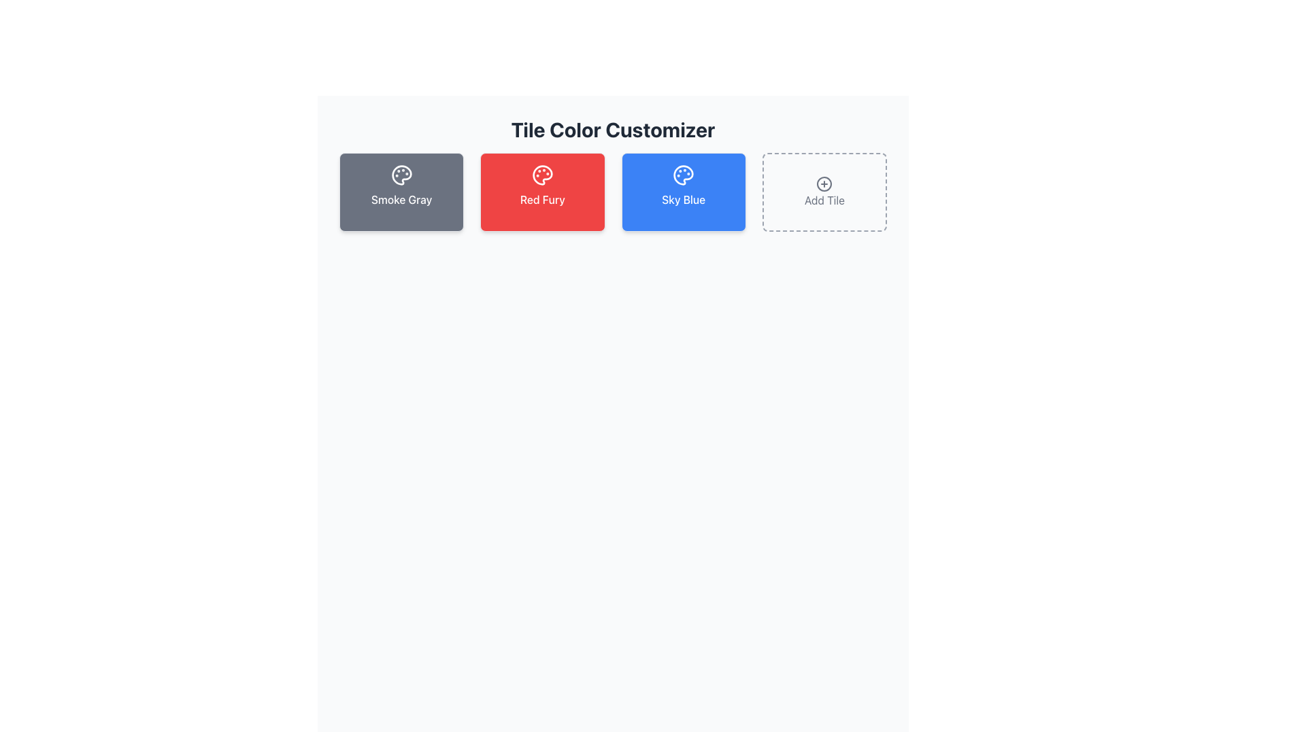 This screenshot has width=1306, height=734. What do you see at coordinates (824, 192) in the screenshot?
I see `the button that allows users to add additional tiles to the layout` at bounding box center [824, 192].